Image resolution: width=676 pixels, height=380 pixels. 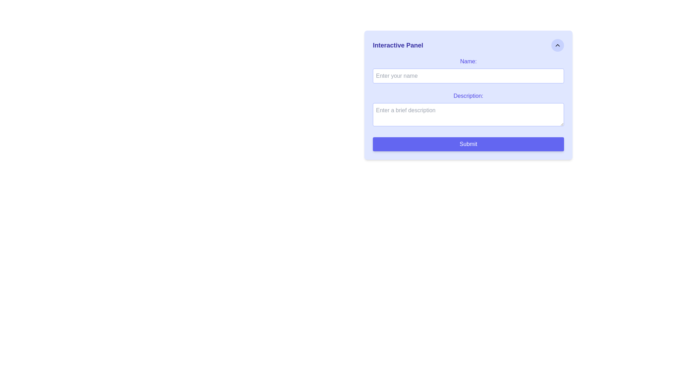 What do you see at coordinates (557, 45) in the screenshot?
I see `the upward-pointing chevron icon located within the circular button at the top-right corner of the interactive panel` at bounding box center [557, 45].